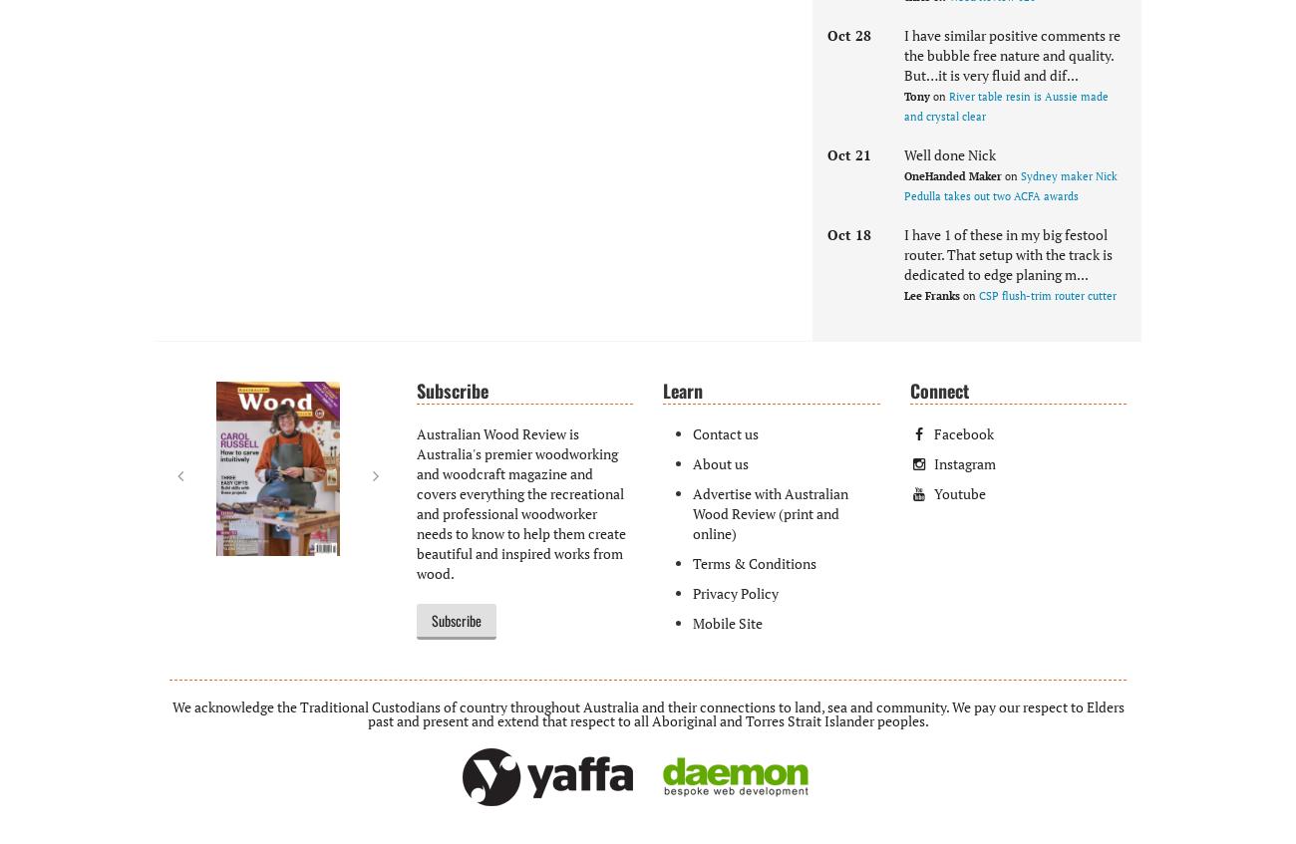  I want to click on 'Tony', so click(917, 96).